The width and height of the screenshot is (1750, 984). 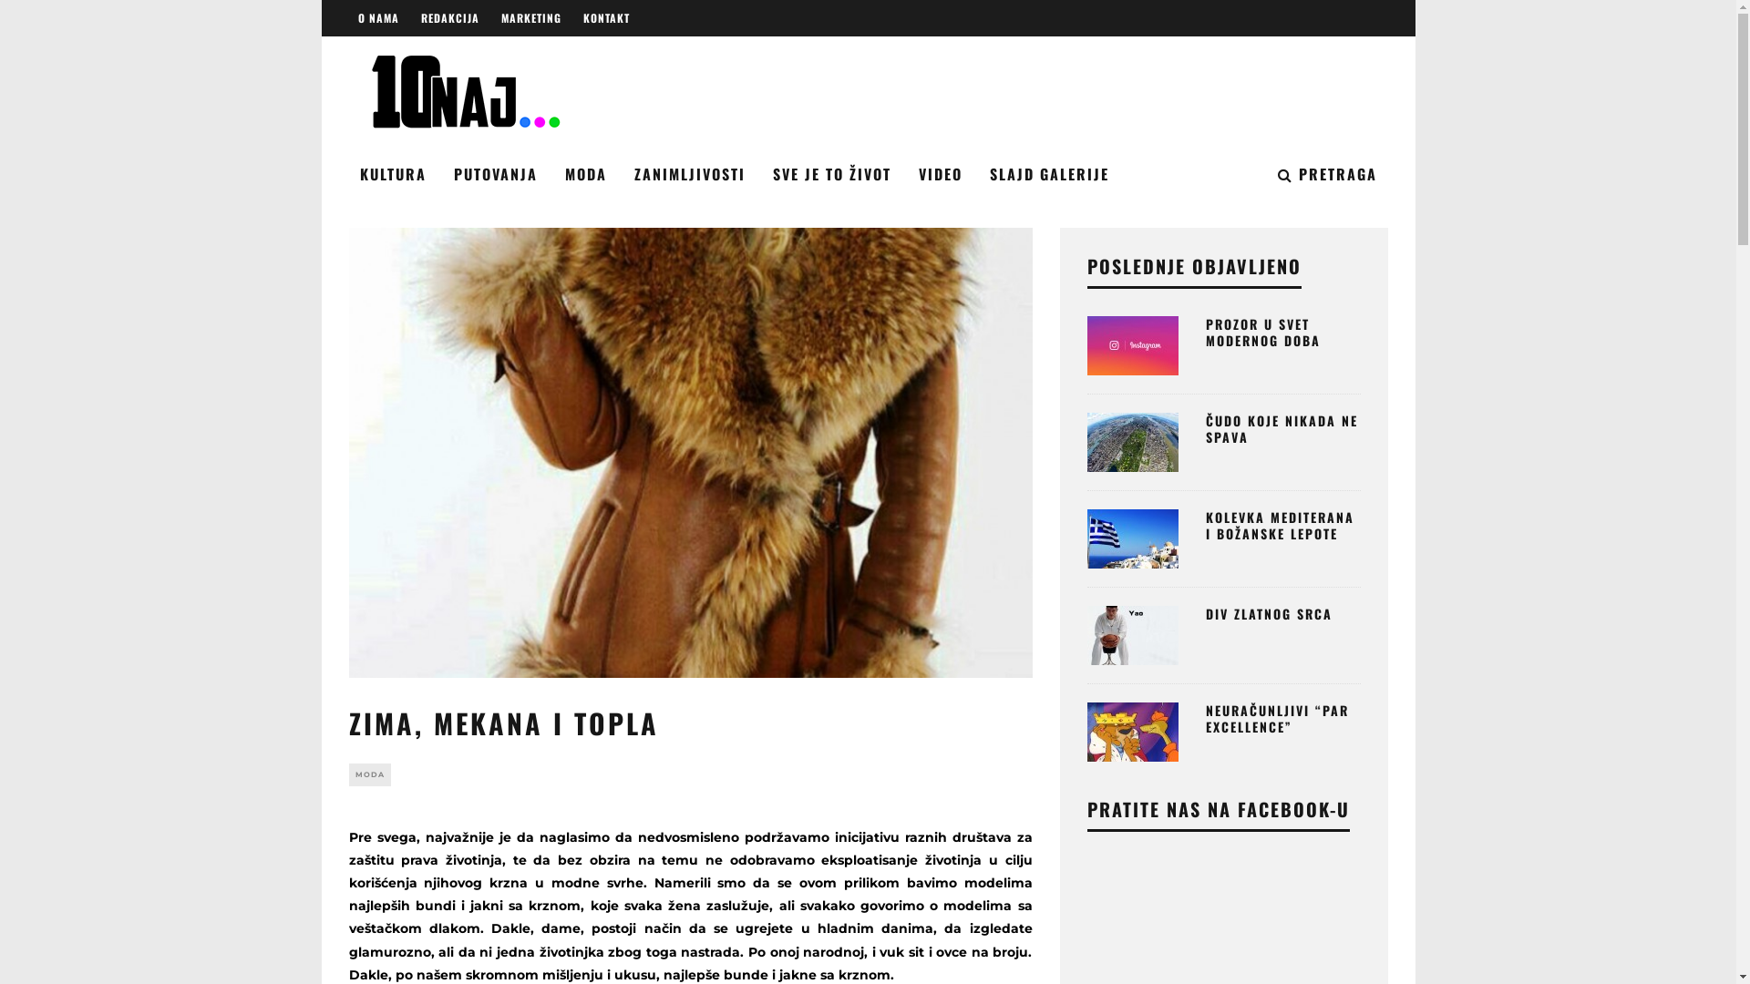 What do you see at coordinates (530, 17) in the screenshot?
I see `'MARKETING'` at bounding box center [530, 17].